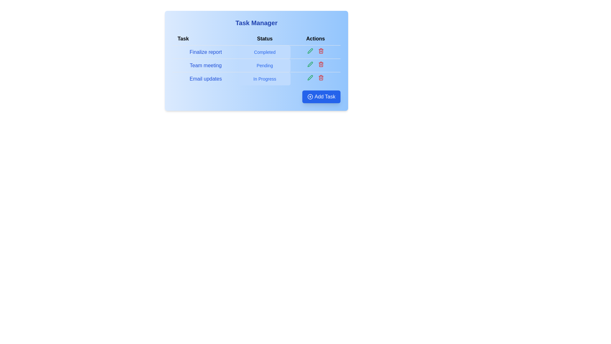  Describe the element at coordinates (310, 64) in the screenshot. I see `the edit button for the task titled 'Team meeting'` at that location.